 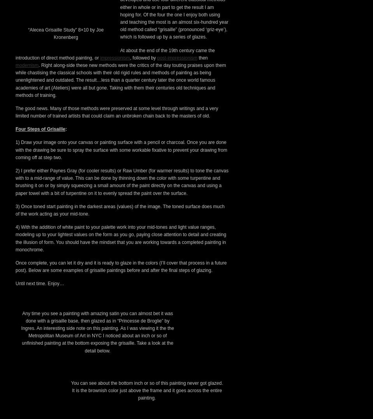 I want to click on 'impressionism', so click(x=114, y=191).